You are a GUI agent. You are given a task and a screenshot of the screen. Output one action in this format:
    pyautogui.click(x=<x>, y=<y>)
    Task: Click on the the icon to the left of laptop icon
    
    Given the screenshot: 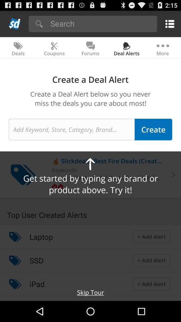 What is the action you would take?
    pyautogui.click(x=15, y=236)
    